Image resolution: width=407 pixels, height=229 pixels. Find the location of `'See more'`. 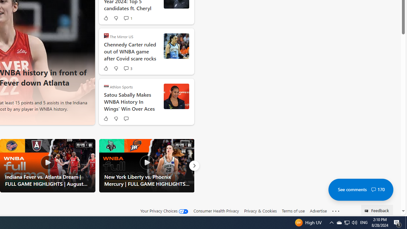

'See more' is located at coordinates (335, 211).